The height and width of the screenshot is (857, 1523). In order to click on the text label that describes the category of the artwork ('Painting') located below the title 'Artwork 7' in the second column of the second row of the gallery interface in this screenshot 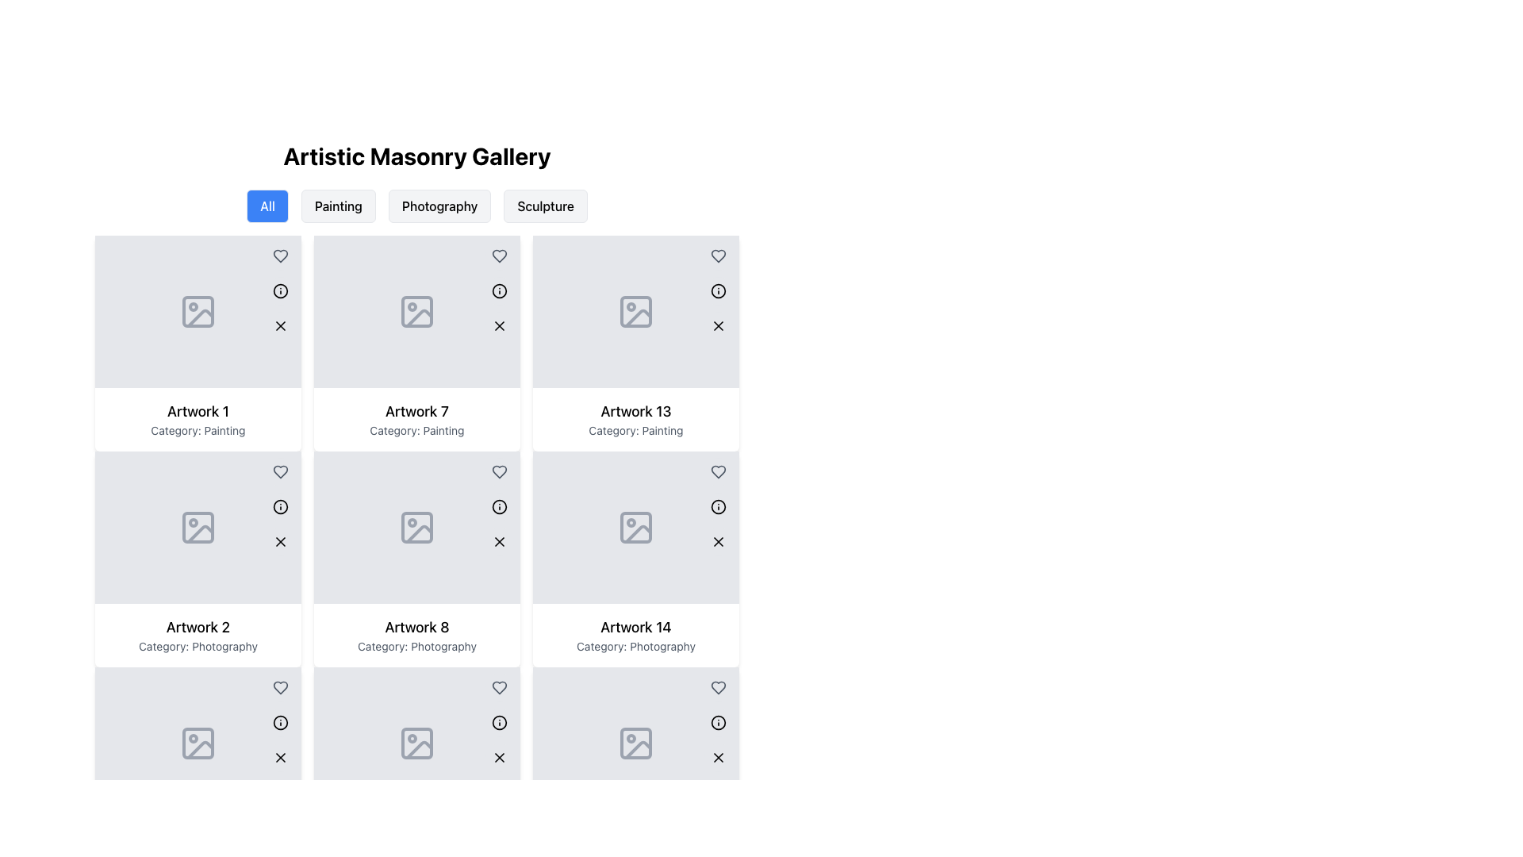, I will do `click(417, 431)`.